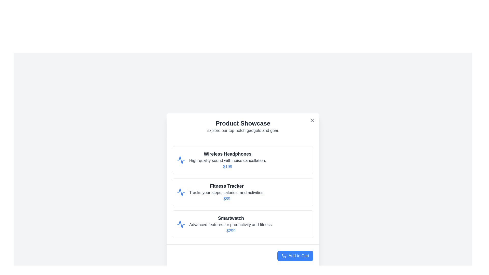  I want to click on the button used to add the currently selected product to the shopping cart, so click(295, 256).